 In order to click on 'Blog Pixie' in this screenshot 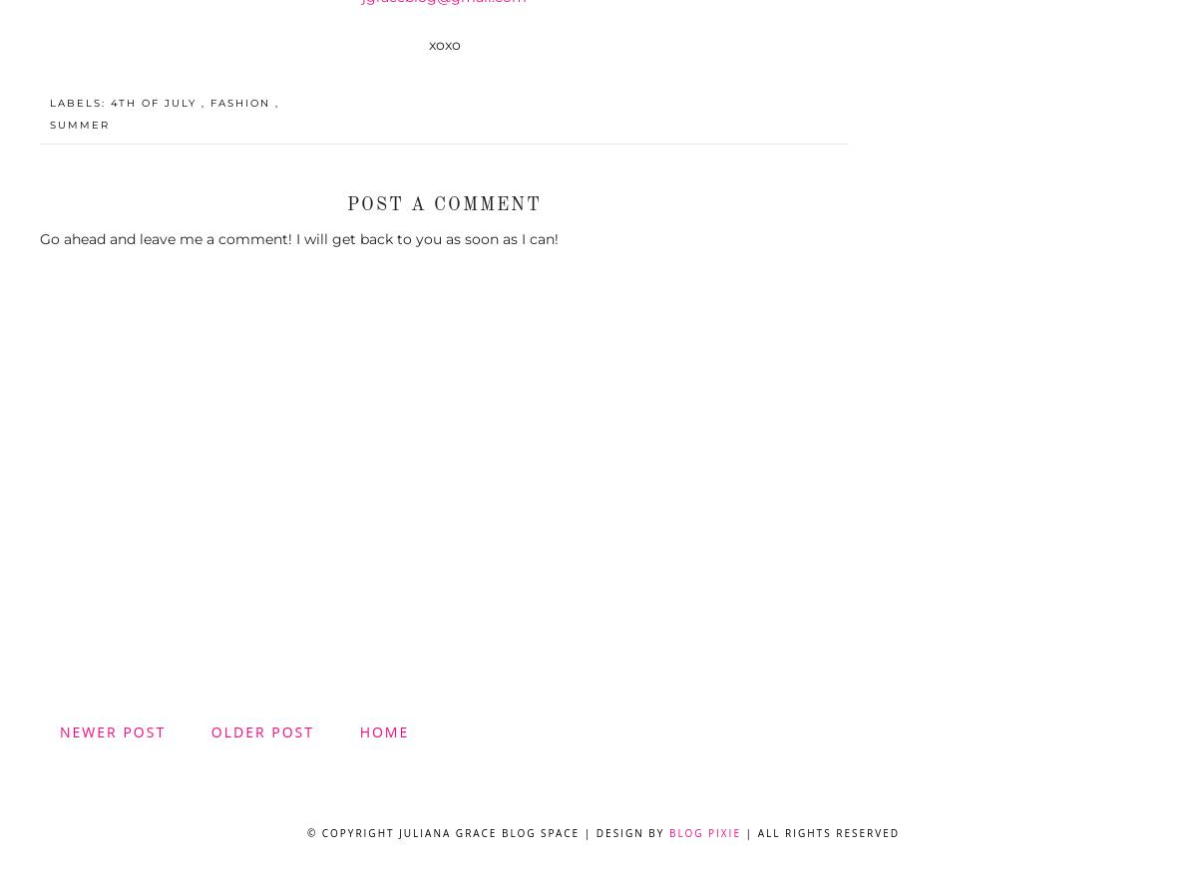, I will do `click(703, 832)`.